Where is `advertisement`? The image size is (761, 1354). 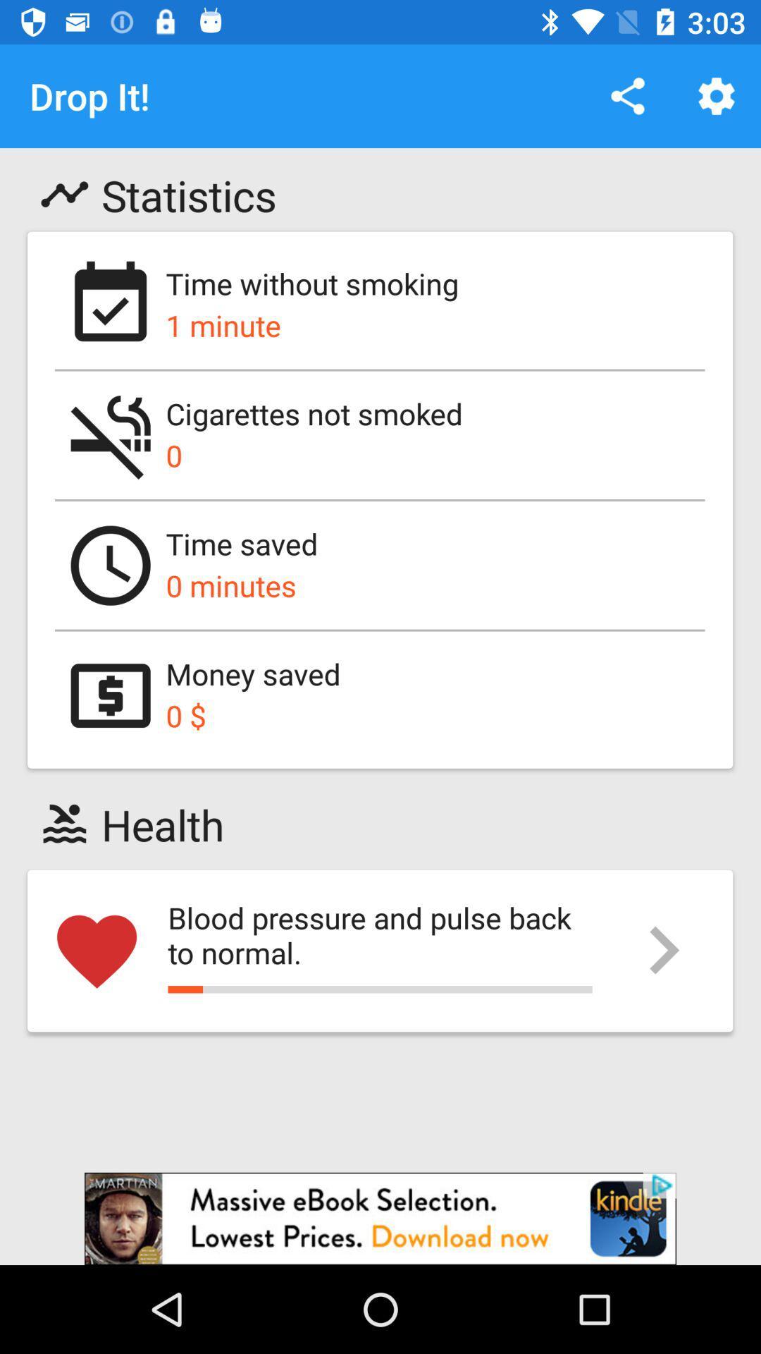
advertisement is located at coordinates (380, 1218).